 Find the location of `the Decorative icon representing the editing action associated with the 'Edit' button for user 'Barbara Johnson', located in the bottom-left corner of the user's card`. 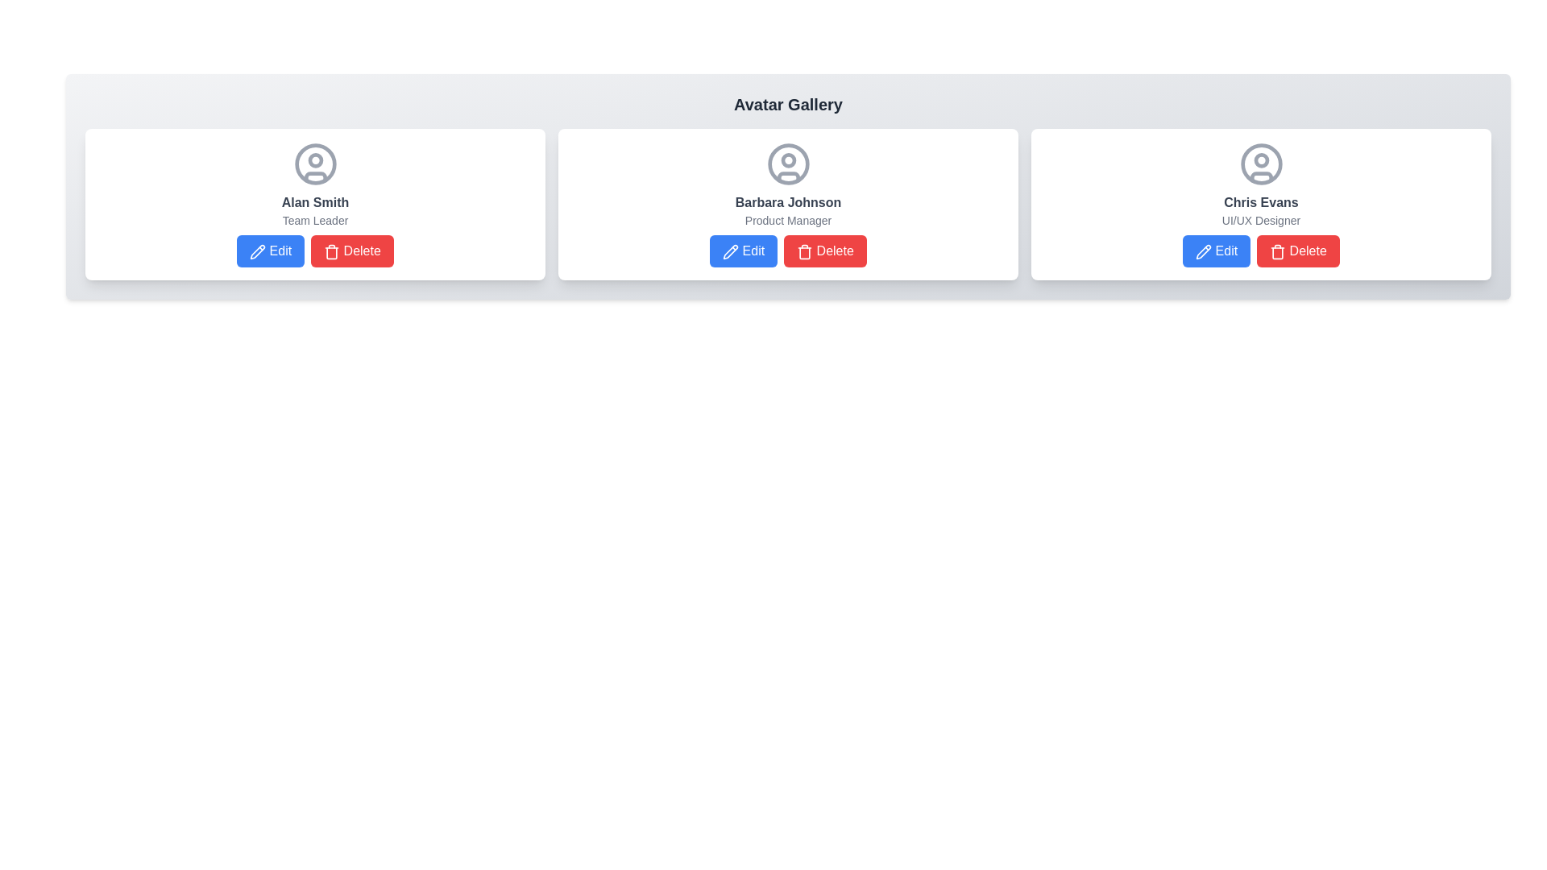

the Decorative icon representing the editing action associated with the 'Edit' button for user 'Barbara Johnson', located in the bottom-left corner of the user's card is located at coordinates (730, 251).